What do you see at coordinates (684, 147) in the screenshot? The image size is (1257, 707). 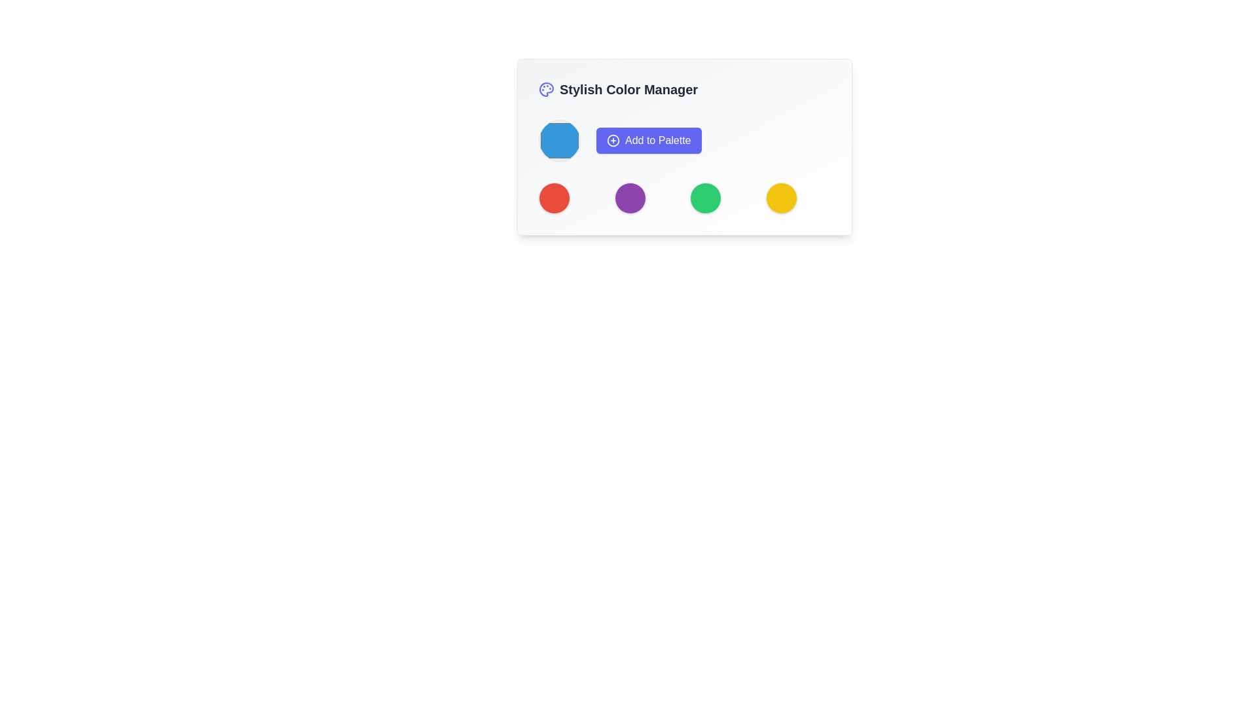 I see `the 'Add to Palette' button with rounded edges and a blue background located within the 'Stylish Color Manager' card` at bounding box center [684, 147].